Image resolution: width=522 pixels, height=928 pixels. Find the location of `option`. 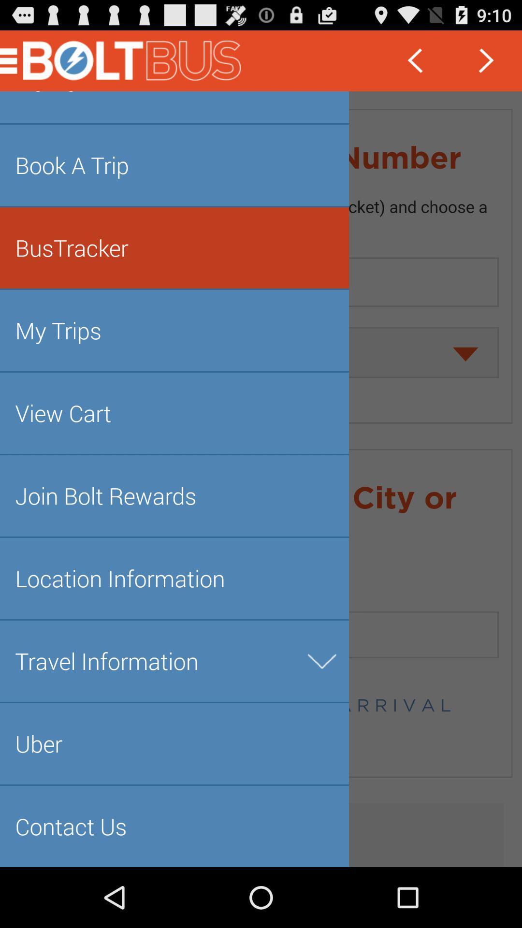

option is located at coordinates (261, 479).